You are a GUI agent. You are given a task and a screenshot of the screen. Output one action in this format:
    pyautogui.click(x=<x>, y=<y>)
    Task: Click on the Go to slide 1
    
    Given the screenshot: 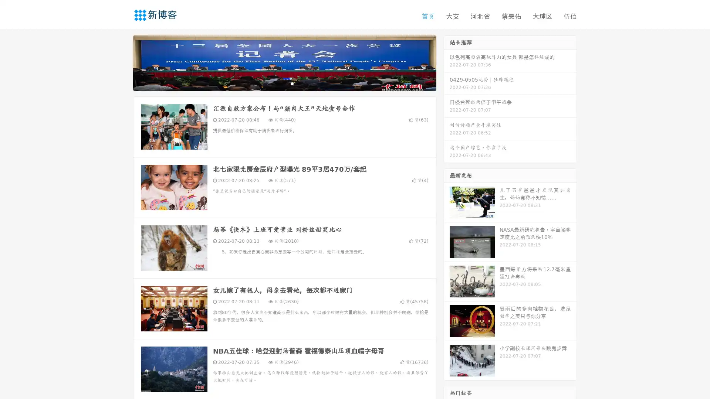 What is the action you would take?
    pyautogui.click(x=277, y=83)
    